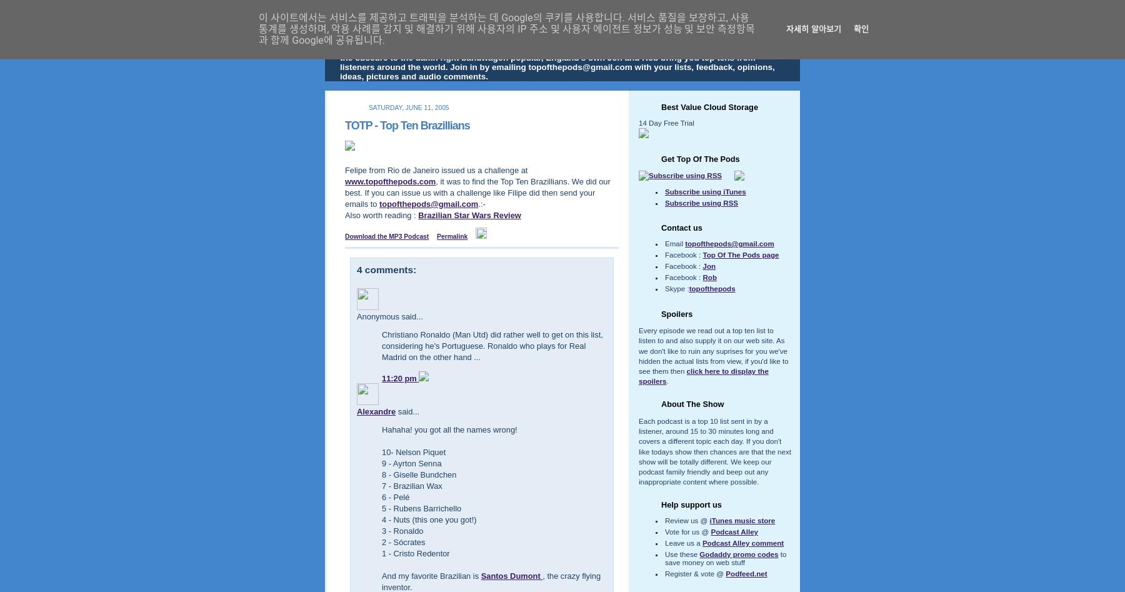 Image resolution: width=1125 pixels, height=592 pixels. I want to click on 'Help support us', so click(691, 504).